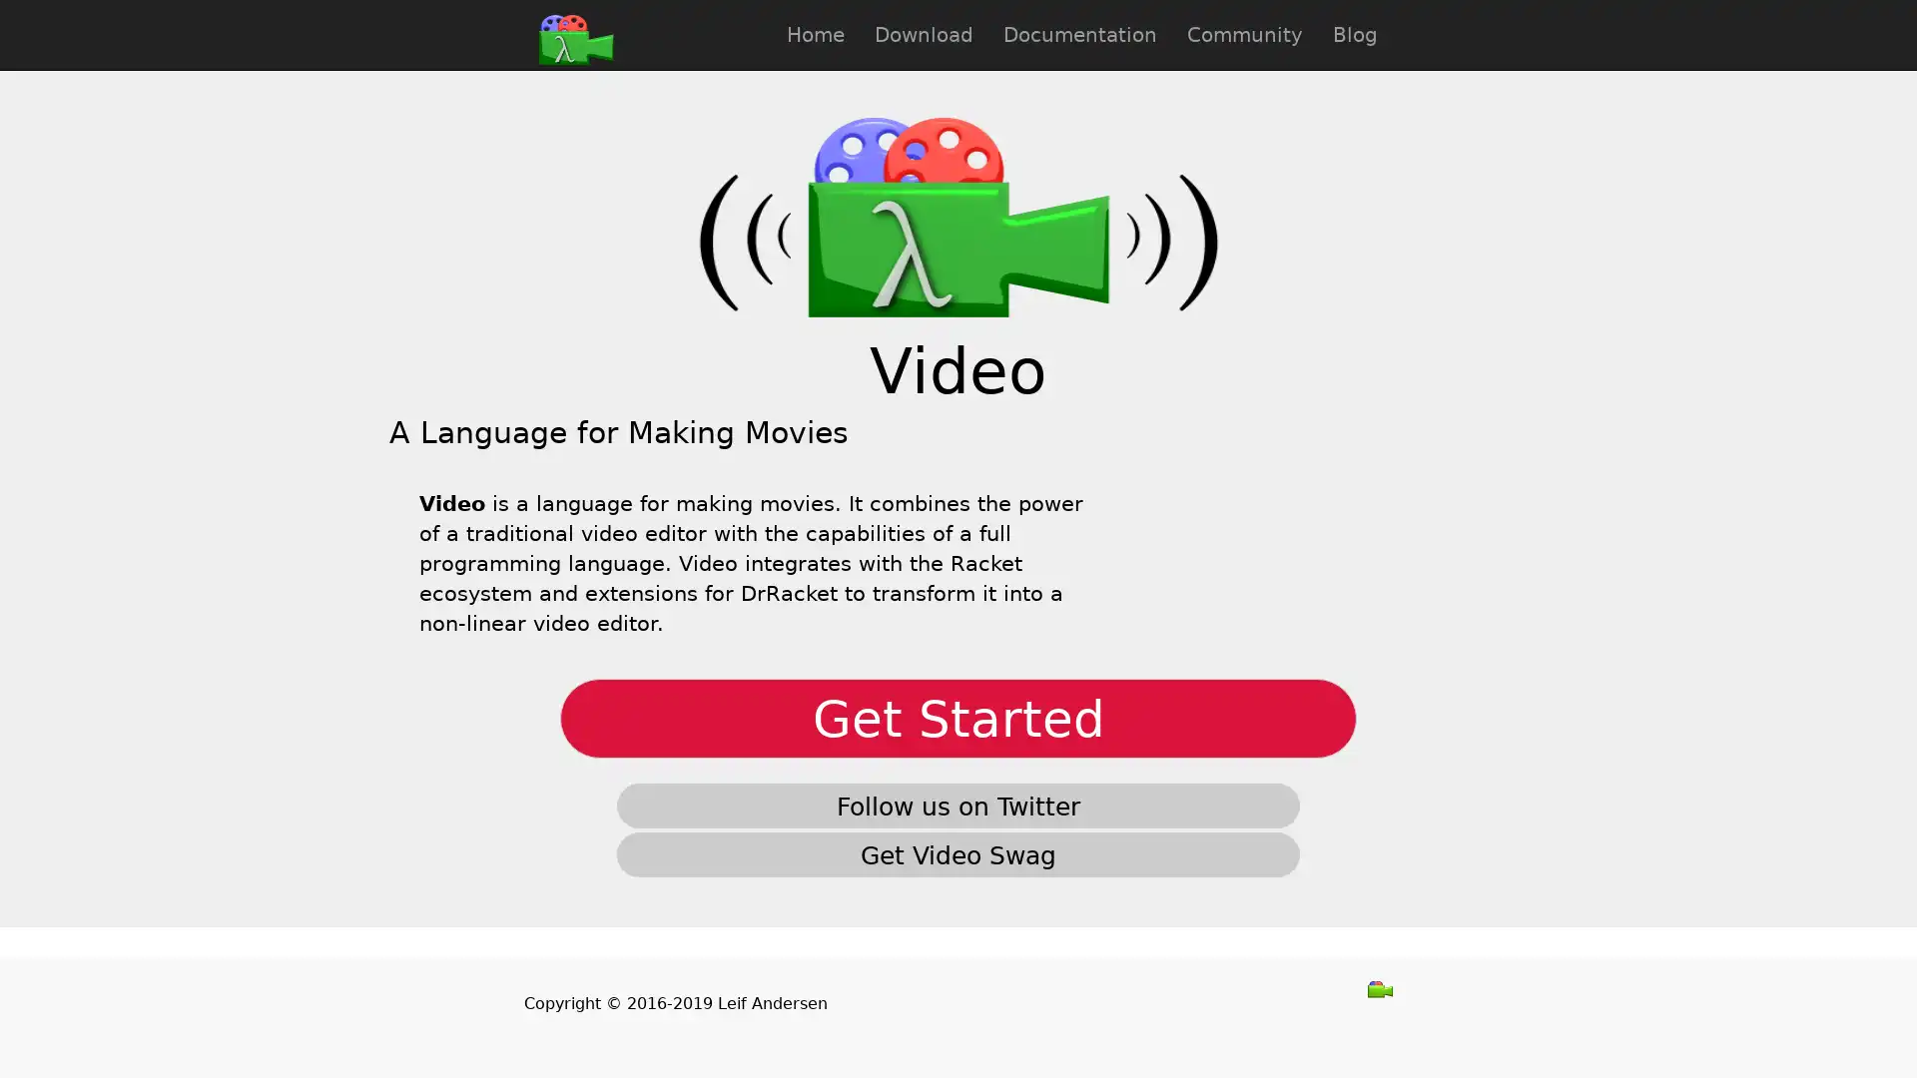  What do you see at coordinates (958, 853) in the screenshot?
I see `Get Video Swag` at bounding box center [958, 853].